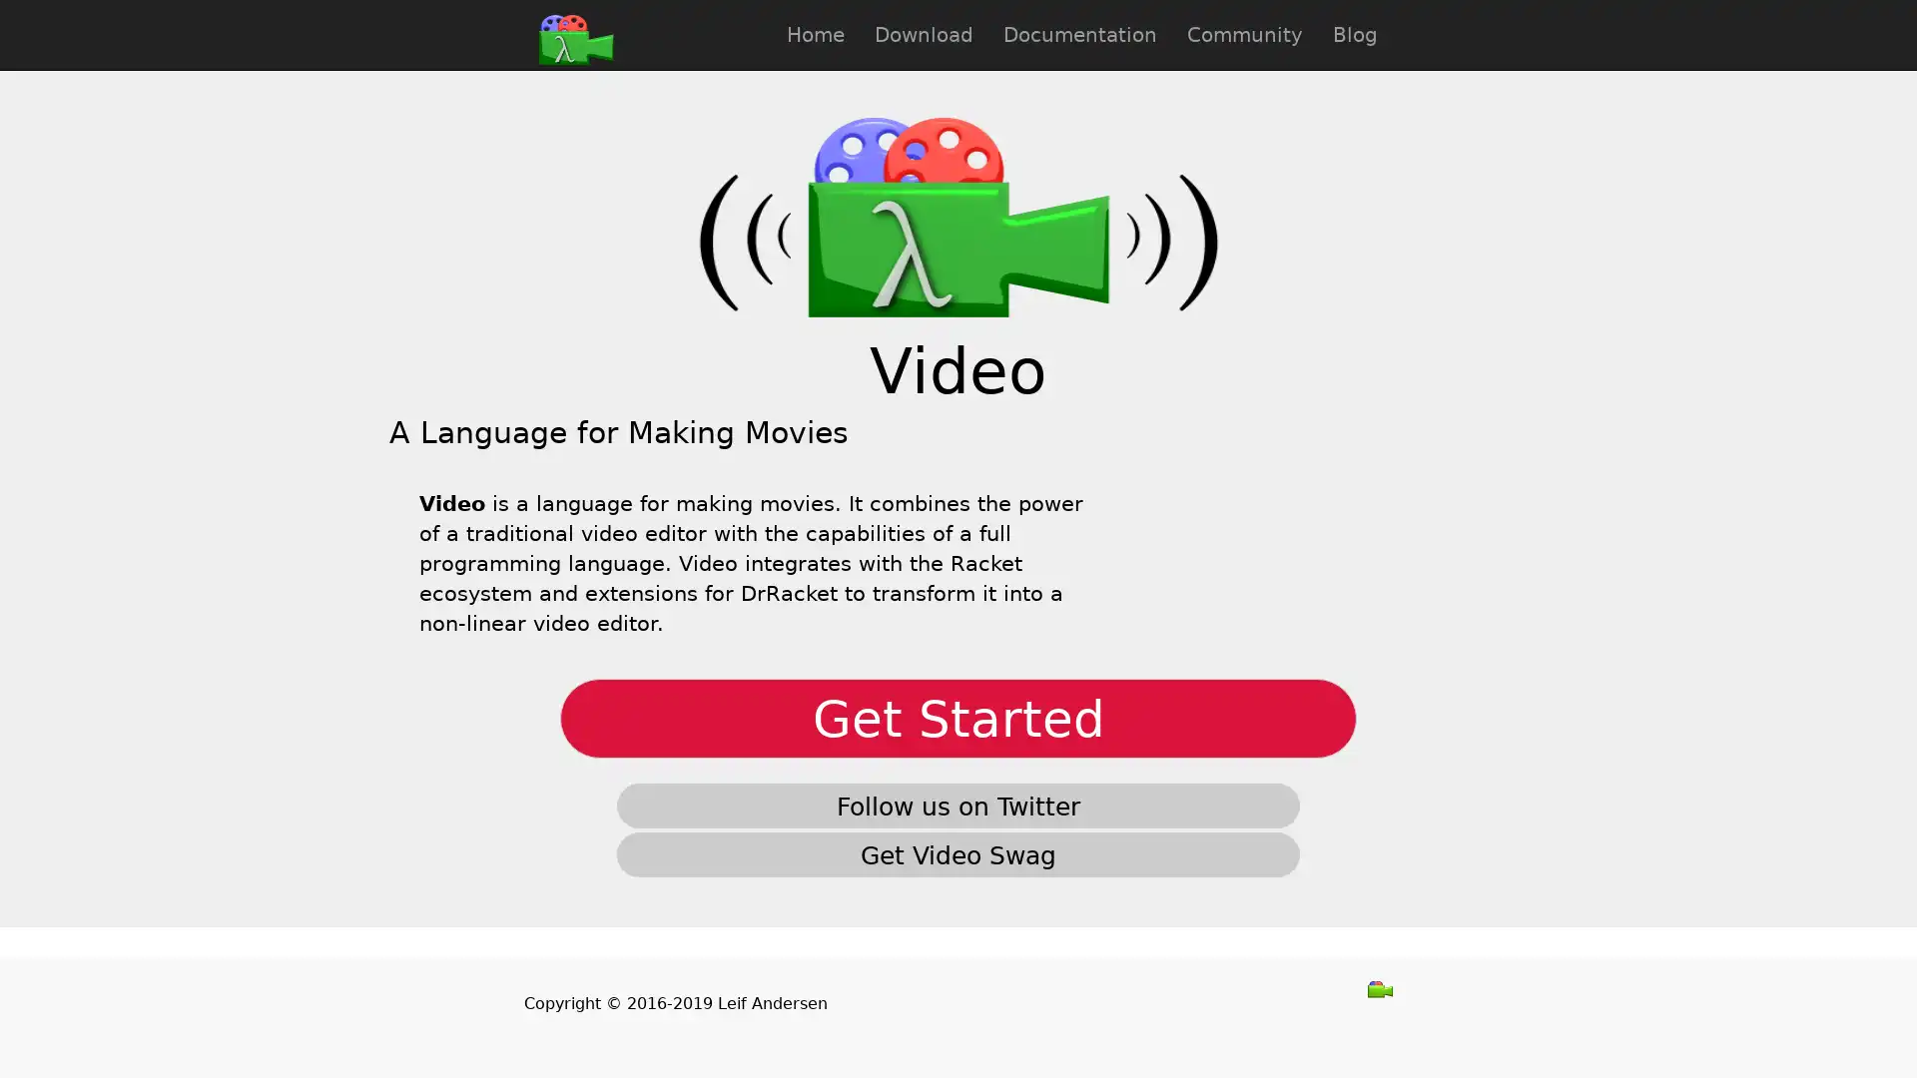  What do you see at coordinates (958, 853) in the screenshot?
I see `Get Video Swag` at bounding box center [958, 853].